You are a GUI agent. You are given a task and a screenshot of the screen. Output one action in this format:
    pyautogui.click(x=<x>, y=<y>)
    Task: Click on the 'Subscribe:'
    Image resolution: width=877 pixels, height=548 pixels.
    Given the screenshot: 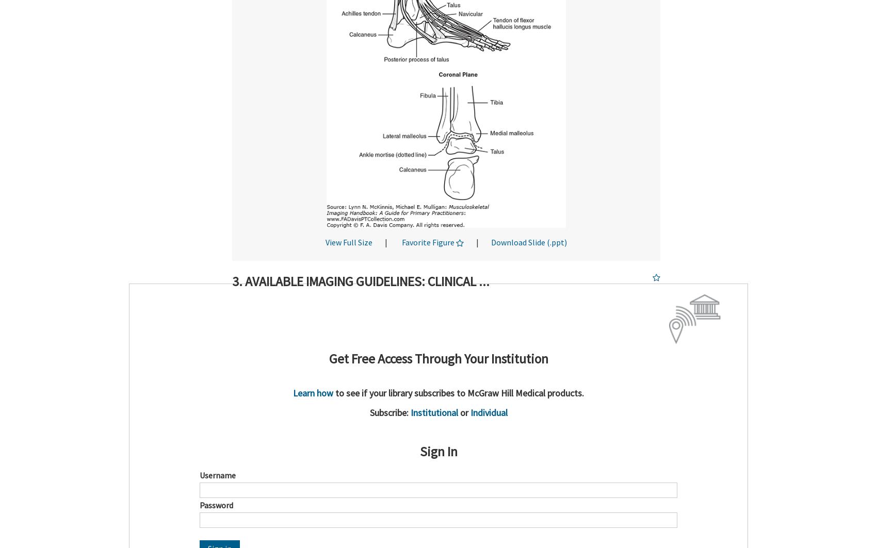 What is the action you would take?
    pyautogui.click(x=389, y=411)
    